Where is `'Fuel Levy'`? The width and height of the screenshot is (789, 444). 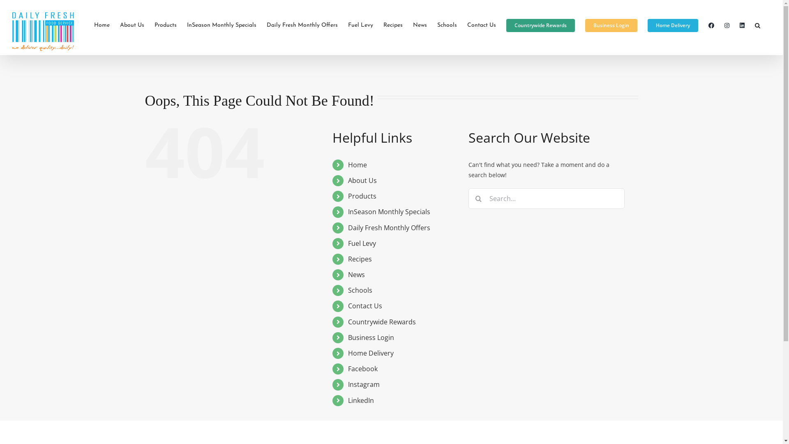
'Fuel Levy' is located at coordinates (362, 243).